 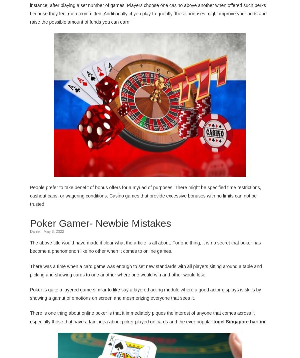 I want to click on 'There is one thing about online poker is that it immediately piques the interest of anyone that comes across it especially those that have a faint idea about poker played on cards and the ever popular', so click(x=30, y=317).